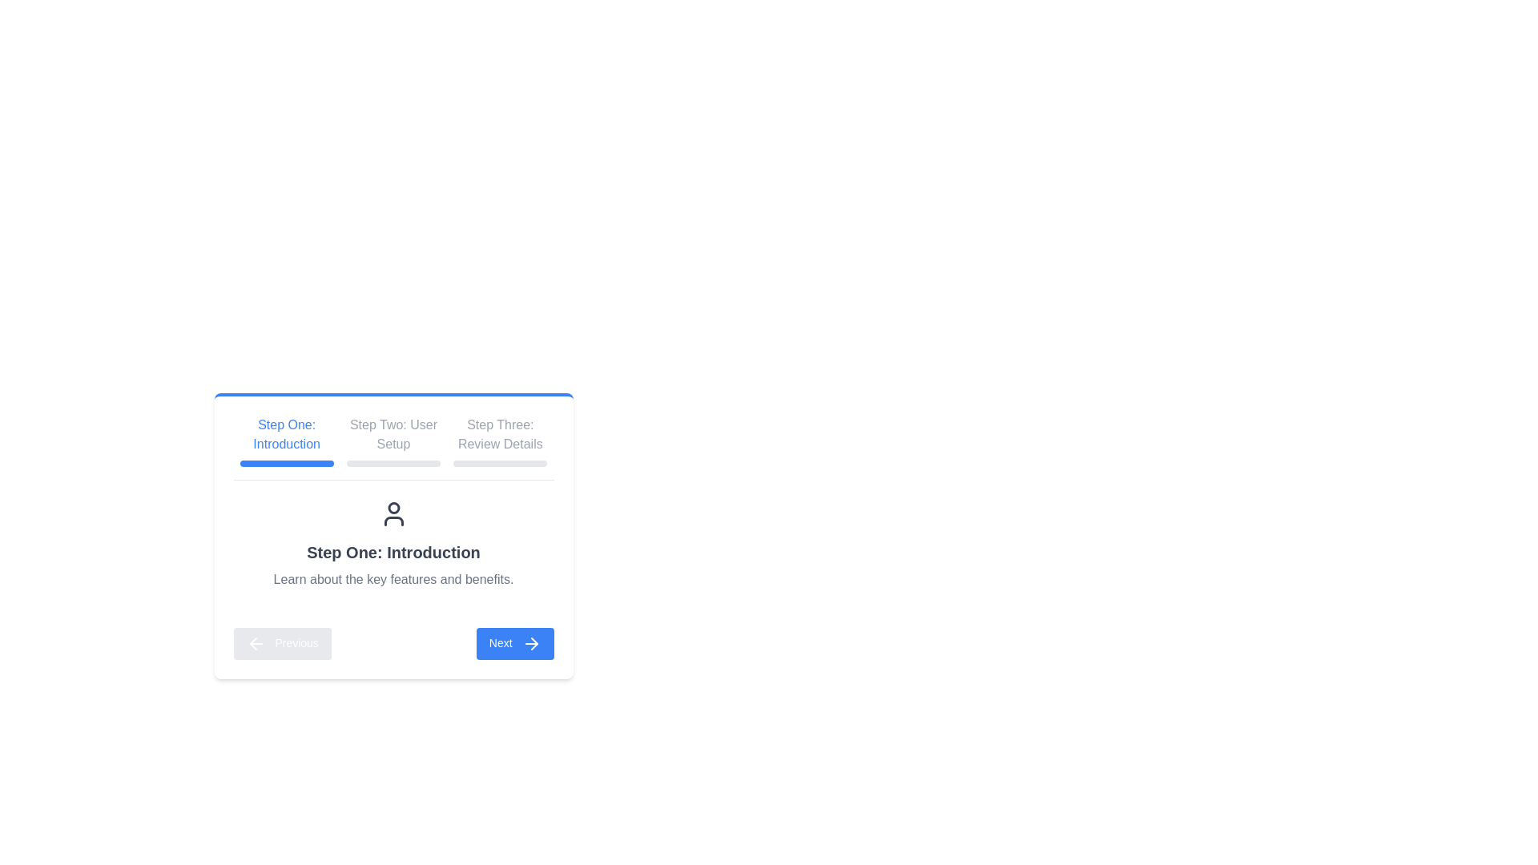 The height and width of the screenshot is (865, 1538). I want to click on the active 'Next' button in the Navigation Control Group, which is positioned at the bottom center of the card layout, so click(393, 642).